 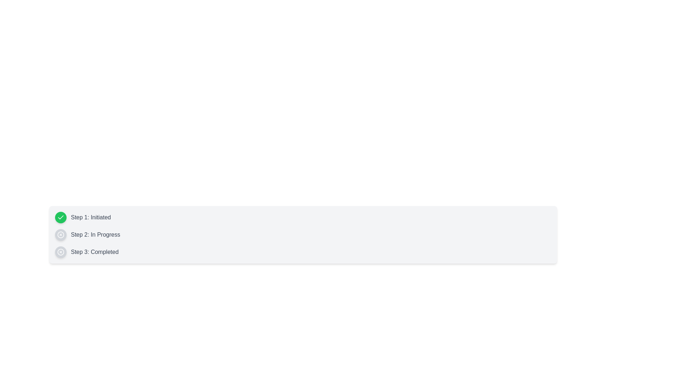 What do you see at coordinates (60, 216) in the screenshot?
I see `the checkmark icon within the circular background that represents 'Step 1' in the vertical list of steps` at bounding box center [60, 216].